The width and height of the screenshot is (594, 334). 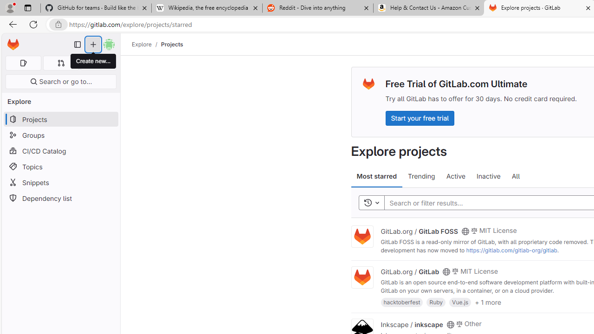 I want to click on 'Inkscape / inkscape', so click(x=411, y=323).